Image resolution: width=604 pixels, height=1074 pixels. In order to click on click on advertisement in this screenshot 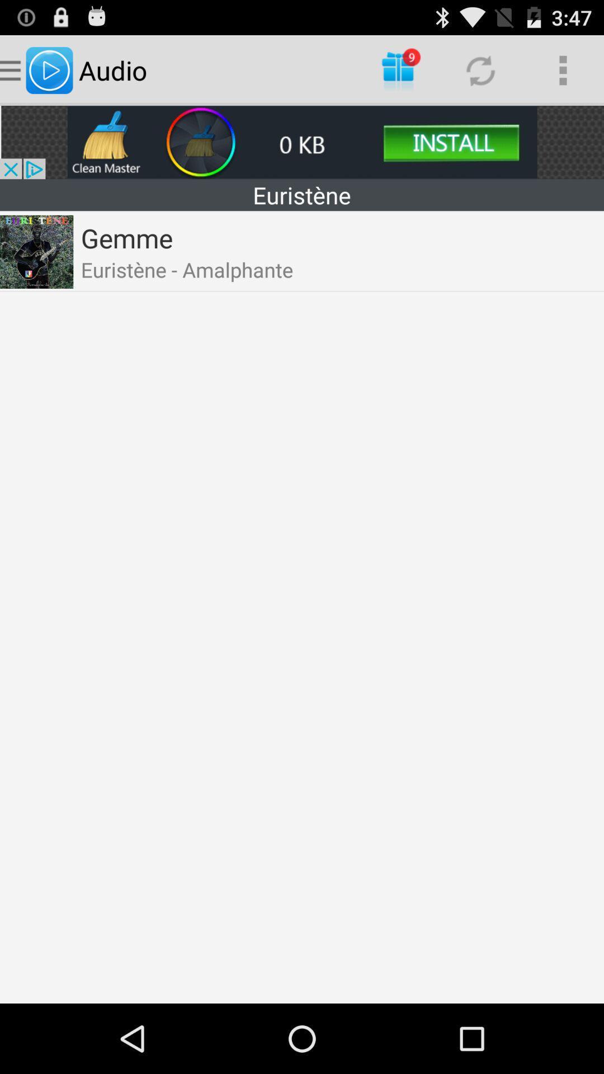, I will do `click(302, 142)`.